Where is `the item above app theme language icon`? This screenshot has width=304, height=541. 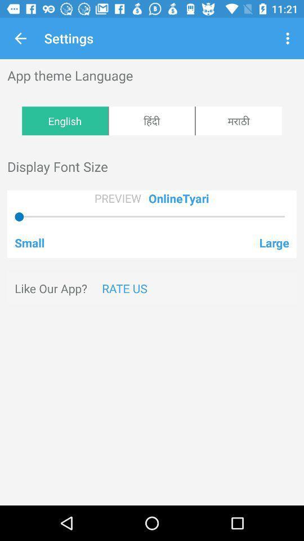
the item above app theme language icon is located at coordinates (20, 38).